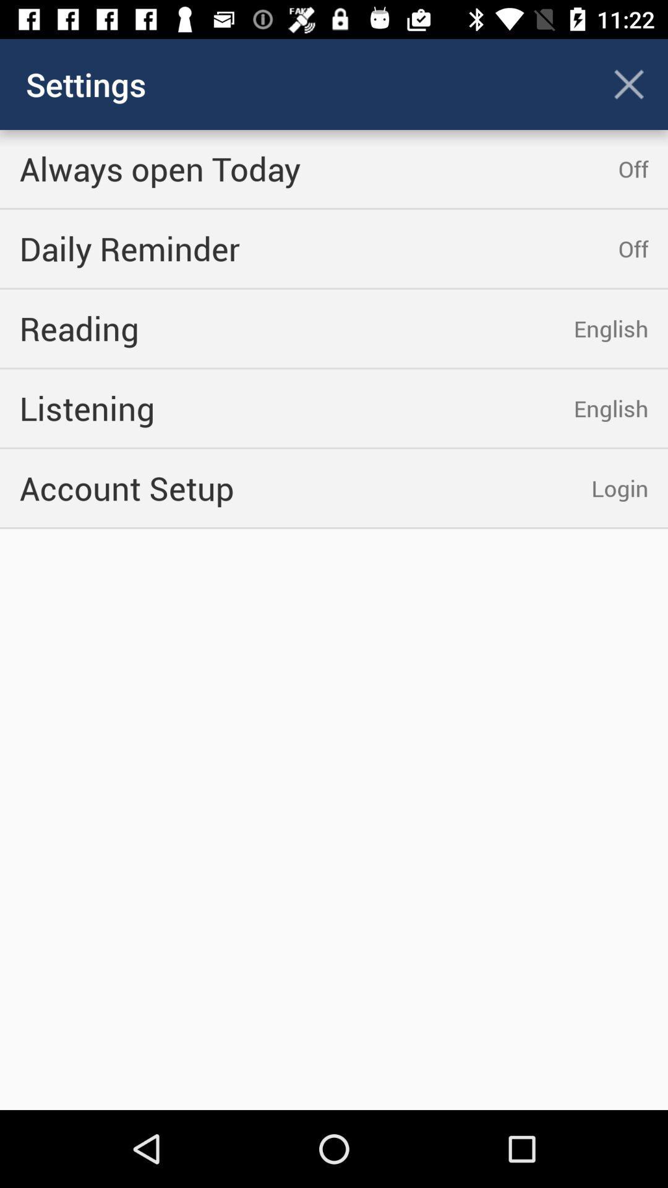 The image size is (668, 1188). Describe the element at coordinates (629, 84) in the screenshot. I see `the cross icon` at that location.